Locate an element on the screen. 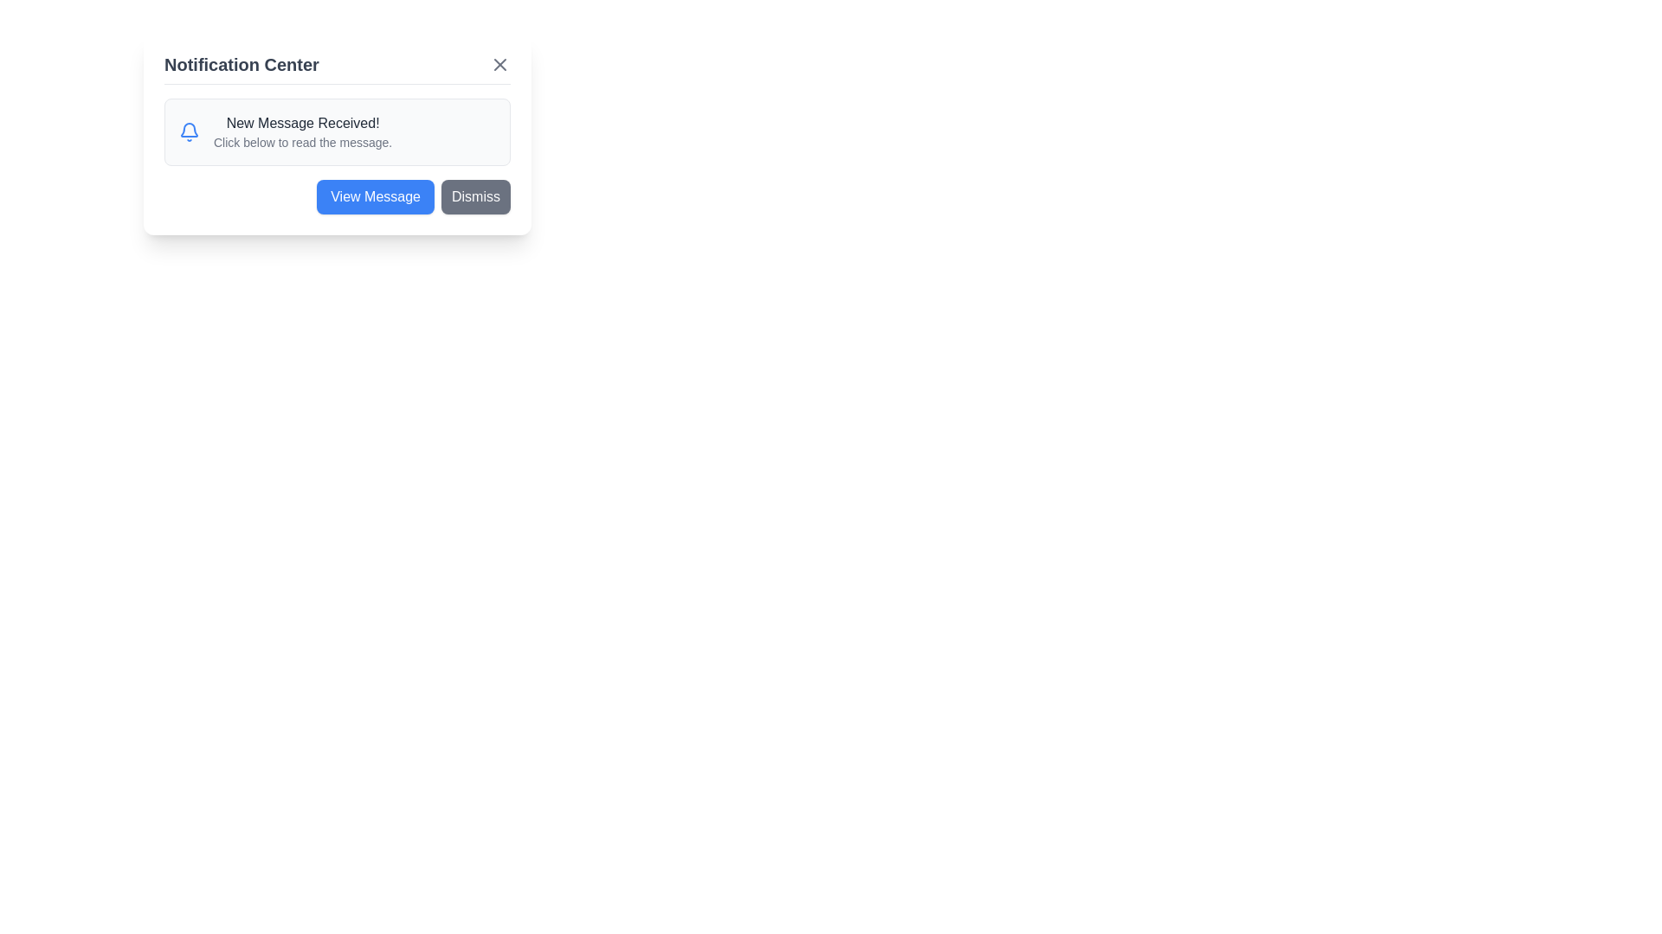  the close button located in the top-right corner of the Notification Center is located at coordinates (499, 63).